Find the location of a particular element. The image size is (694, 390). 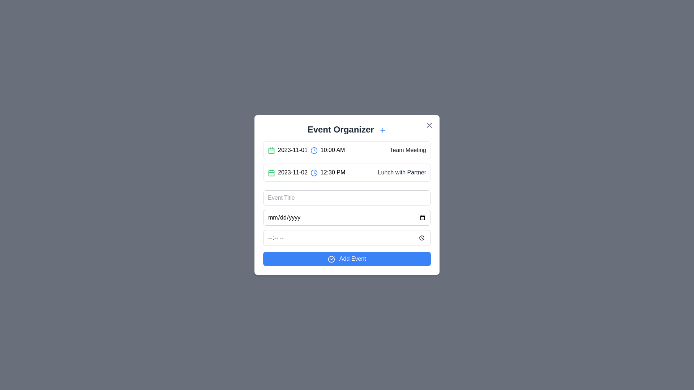

the calendar icon, which has a green outline and is located to the left of the date and time text '2023-11-01 10:00 AM' is located at coordinates (271, 150).